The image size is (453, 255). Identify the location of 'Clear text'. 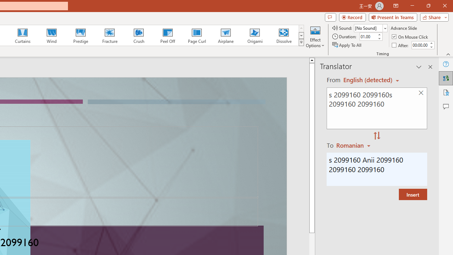
(421, 93).